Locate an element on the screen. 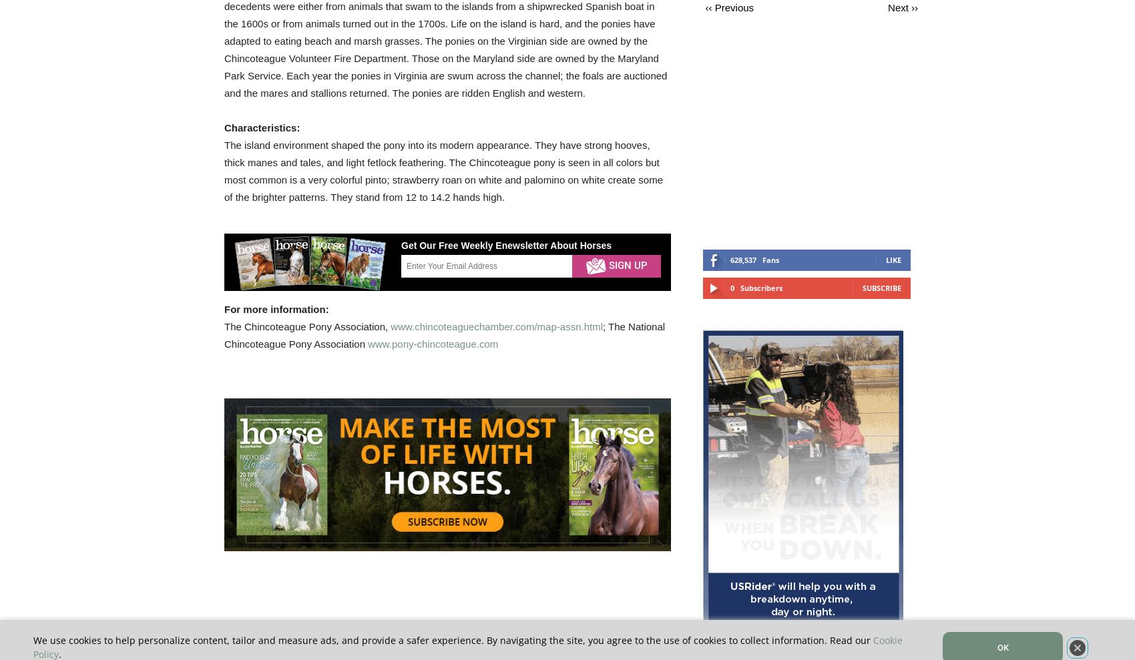 This screenshot has width=1135, height=660. 'The Chincoteague Pony Association,' is located at coordinates (307, 325).